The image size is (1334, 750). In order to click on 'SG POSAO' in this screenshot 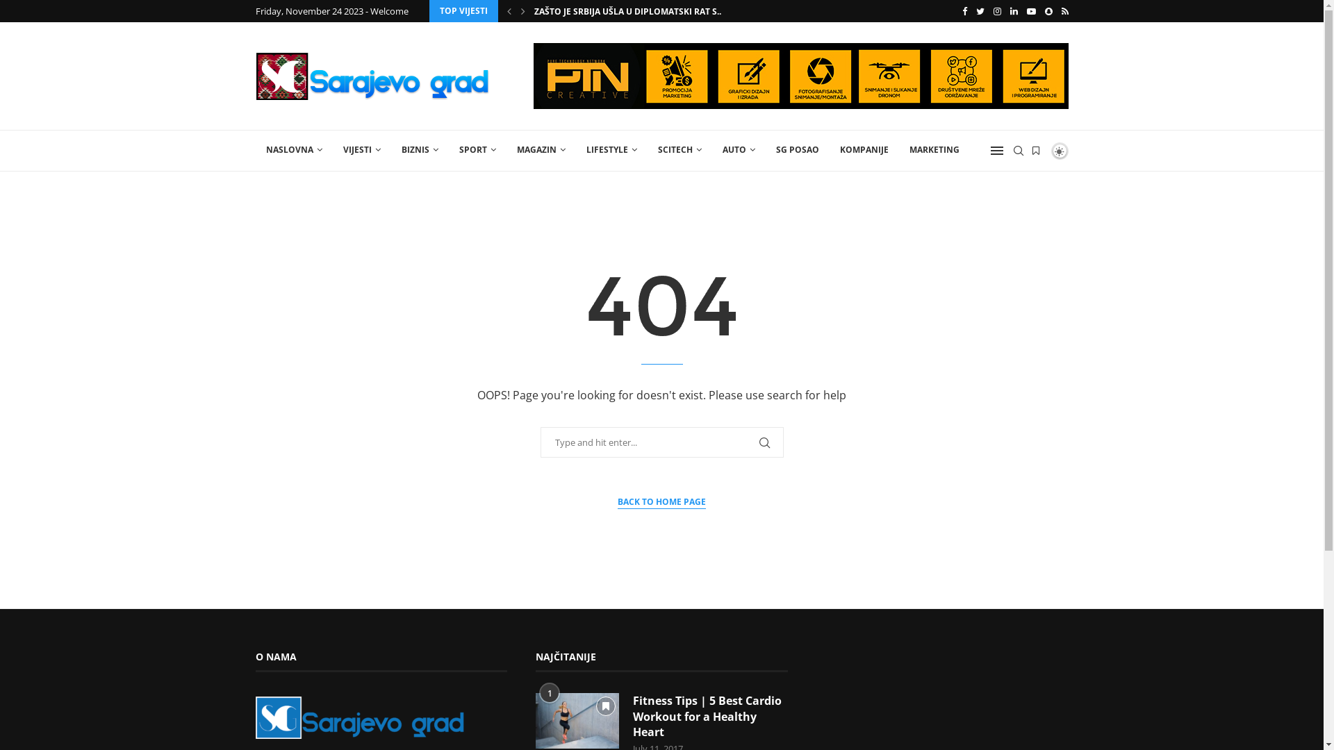, I will do `click(765, 150)`.